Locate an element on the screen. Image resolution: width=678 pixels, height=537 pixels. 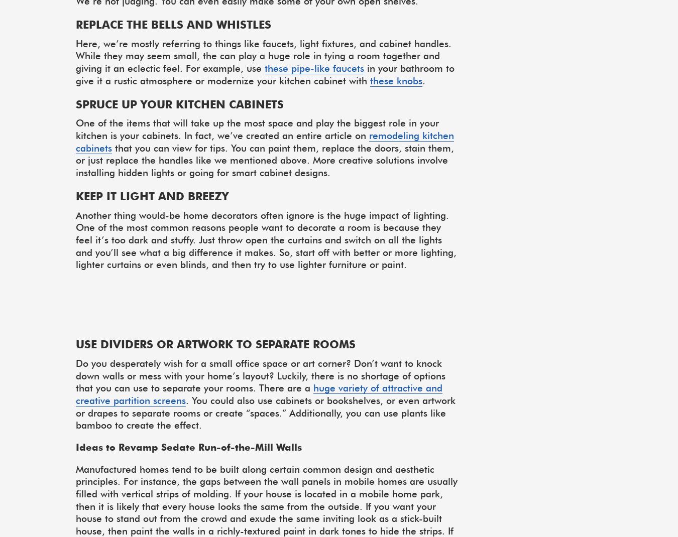
'in your bathroom to give it a rustic atmosphere or modernize your kitchen cabinet with' is located at coordinates (264, 74).